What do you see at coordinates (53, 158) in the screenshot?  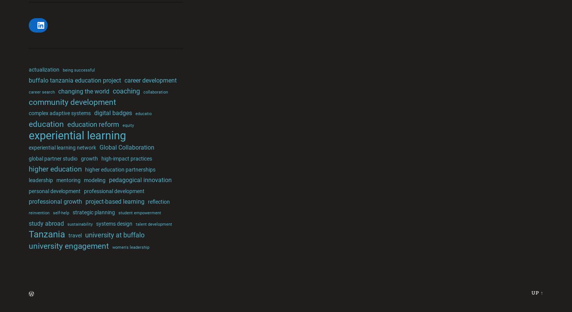 I see `'global partner studio'` at bounding box center [53, 158].